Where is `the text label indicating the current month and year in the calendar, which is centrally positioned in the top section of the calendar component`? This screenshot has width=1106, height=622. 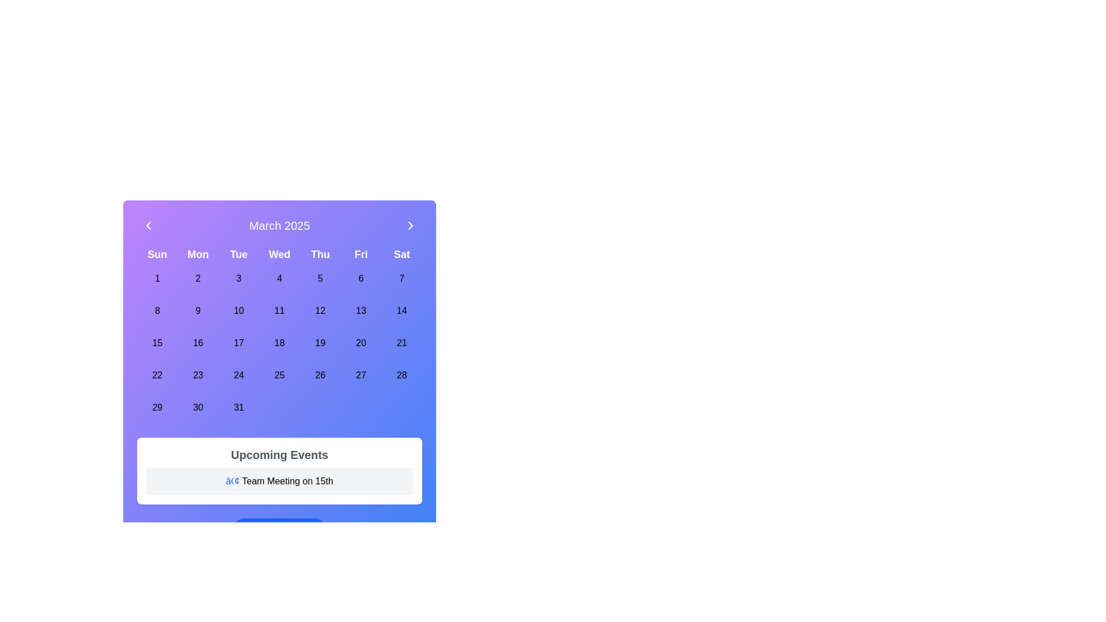
the text label indicating the current month and year in the calendar, which is centrally positioned in the top section of the calendar component is located at coordinates (279, 226).